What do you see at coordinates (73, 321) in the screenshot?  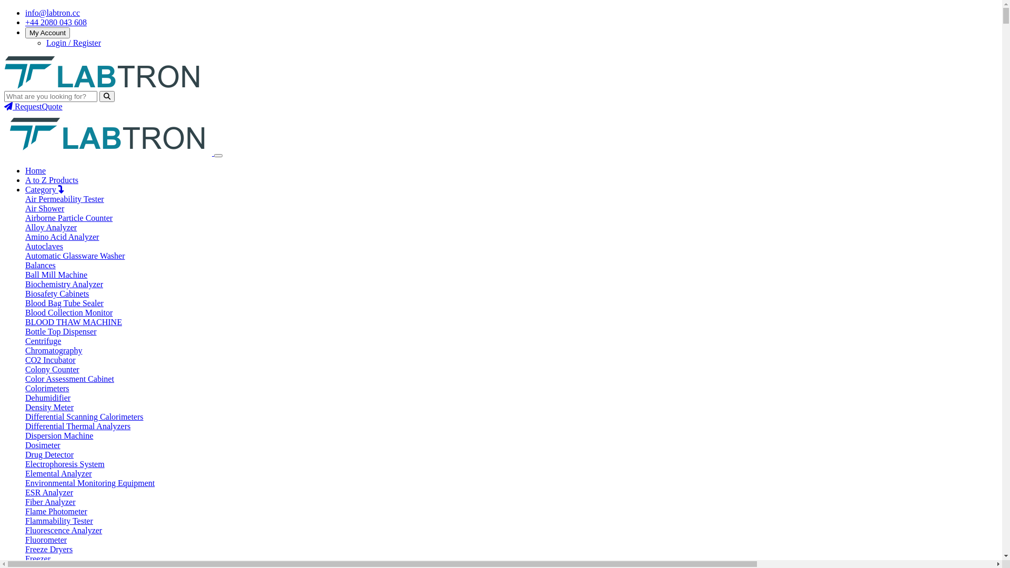 I see `'BLOOD THAW MACHINE'` at bounding box center [73, 321].